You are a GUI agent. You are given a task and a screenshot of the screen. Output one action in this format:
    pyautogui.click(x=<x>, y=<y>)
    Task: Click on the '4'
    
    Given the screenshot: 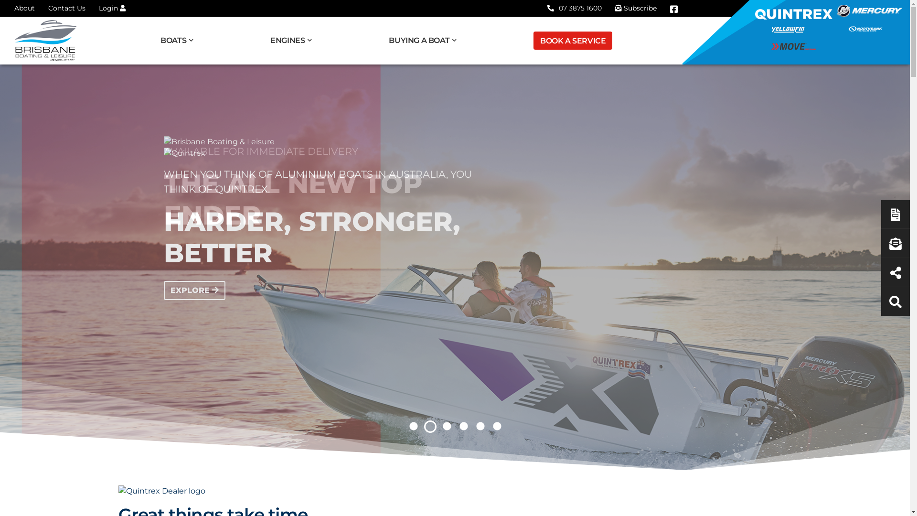 What is the action you would take?
    pyautogui.click(x=463, y=426)
    